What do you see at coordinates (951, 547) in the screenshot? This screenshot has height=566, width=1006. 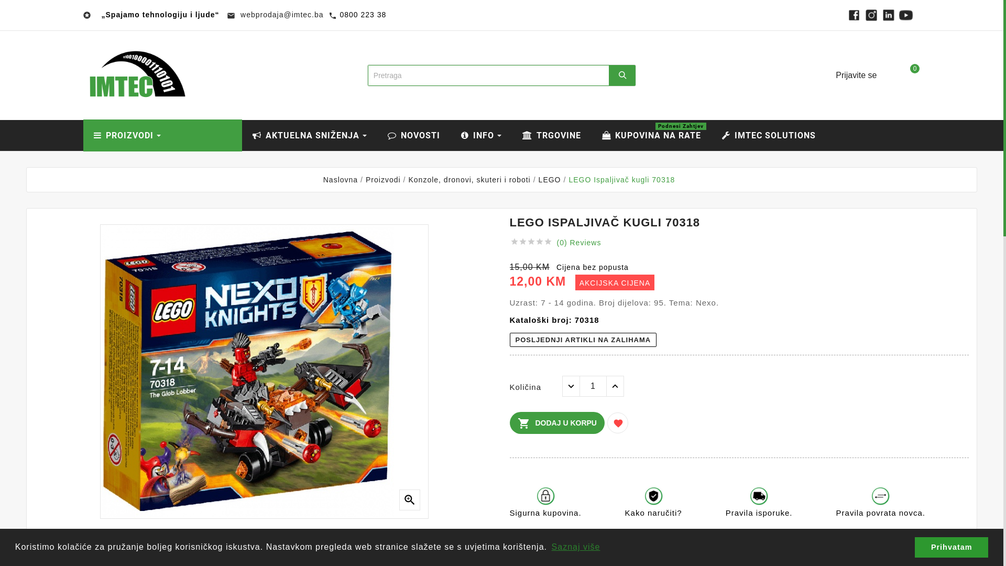 I see `'Prihvatam'` at bounding box center [951, 547].